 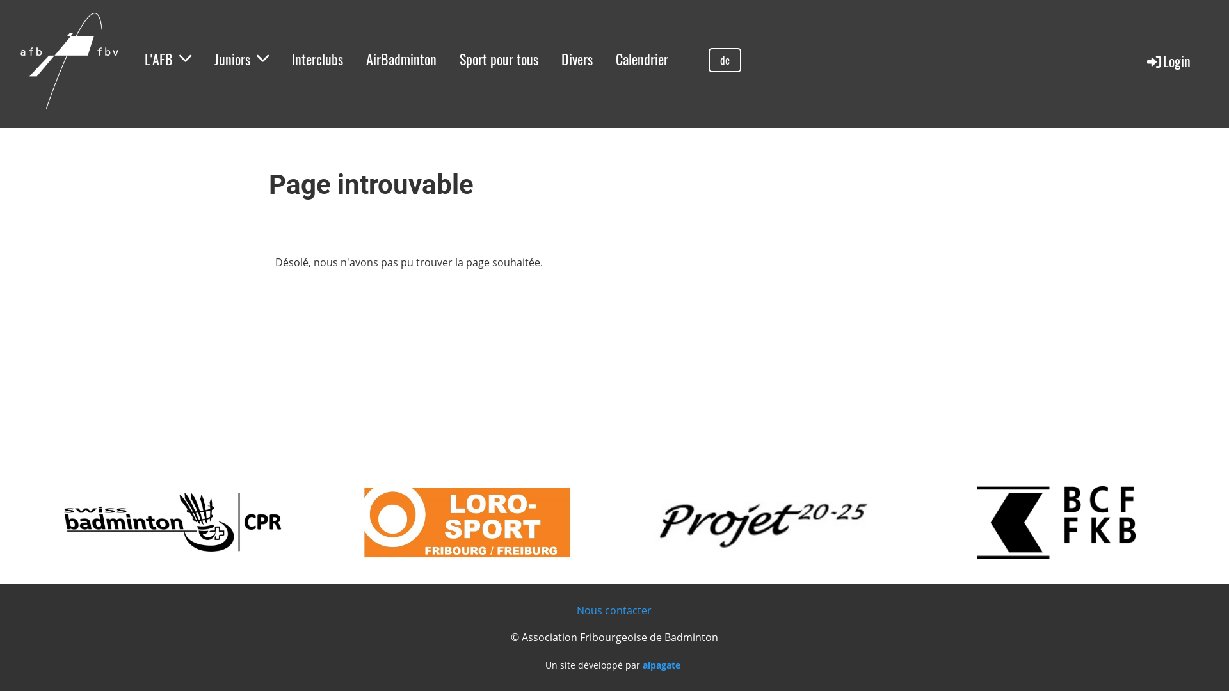 What do you see at coordinates (317, 59) in the screenshot?
I see `'Interclubs'` at bounding box center [317, 59].